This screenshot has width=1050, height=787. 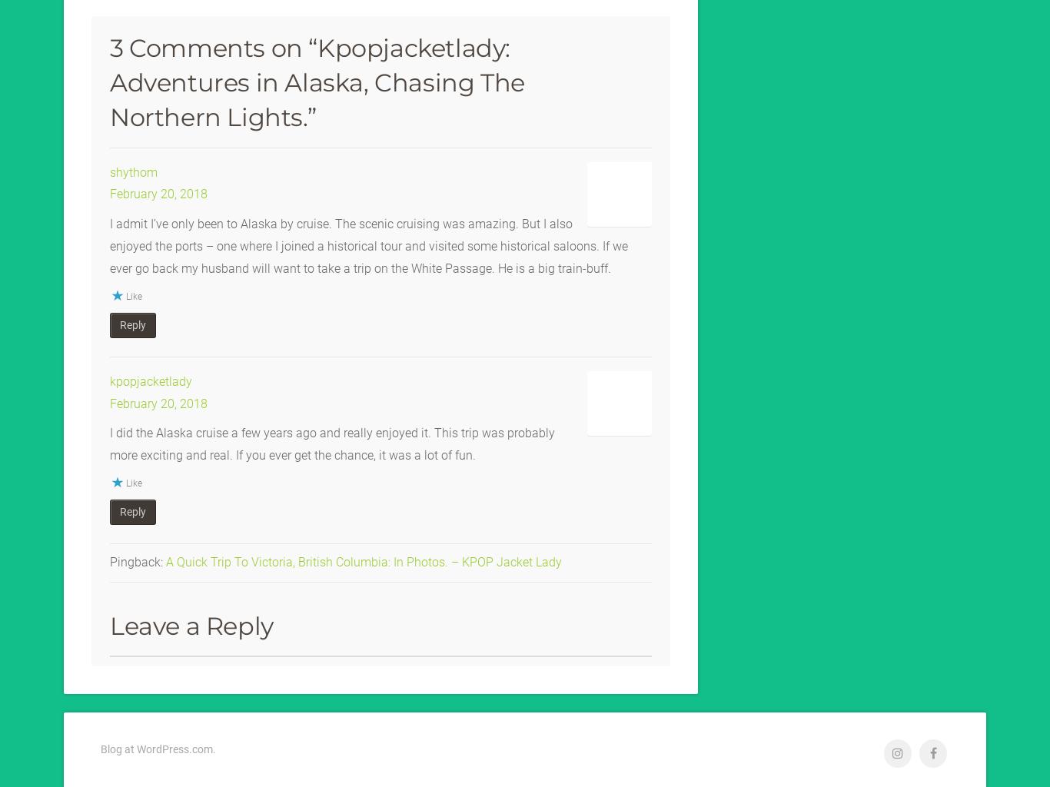 What do you see at coordinates (364, 560) in the screenshot?
I see `'A Quick Trip To Victoria, British Columbia: In Photos. – KPOP Jacket Lady'` at bounding box center [364, 560].